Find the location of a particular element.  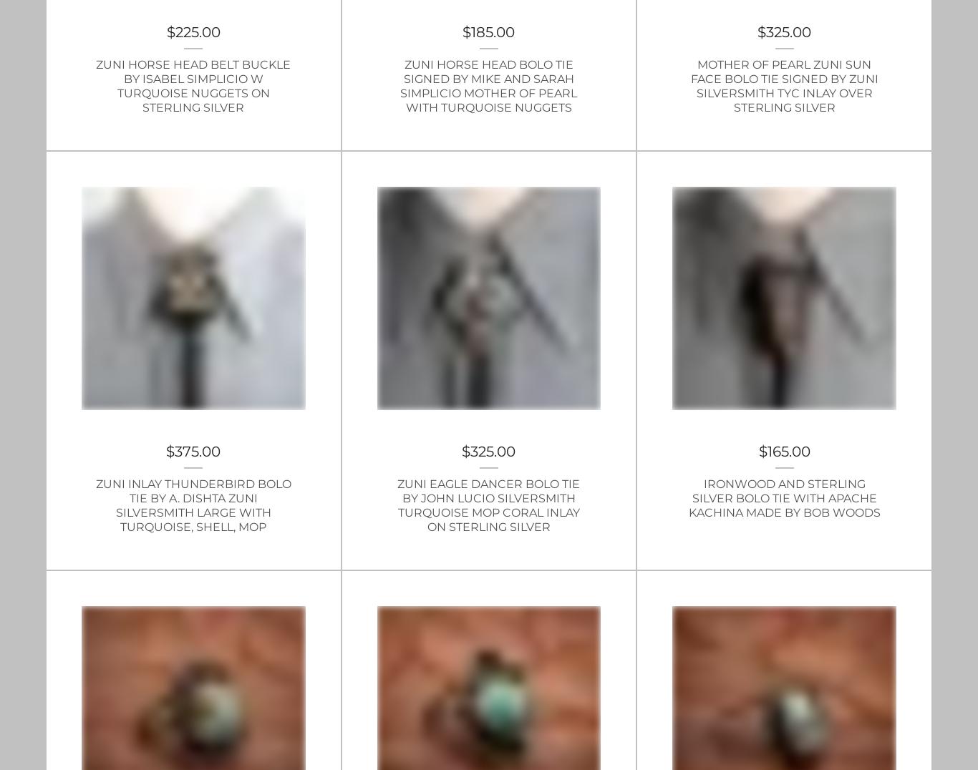

'Ironwood and Sterling Silver Bolo Tie with Apache Kachina made by Bob Woods' is located at coordinates (783, 498).